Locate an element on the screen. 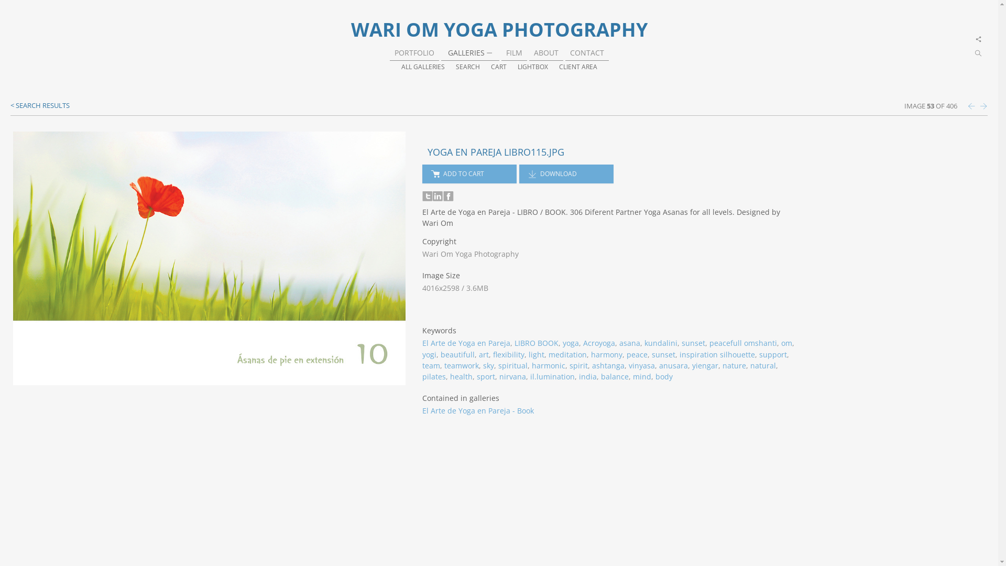 This screenshot has height=566, width=1006. 'sky' is located at coordinates (488, 365).